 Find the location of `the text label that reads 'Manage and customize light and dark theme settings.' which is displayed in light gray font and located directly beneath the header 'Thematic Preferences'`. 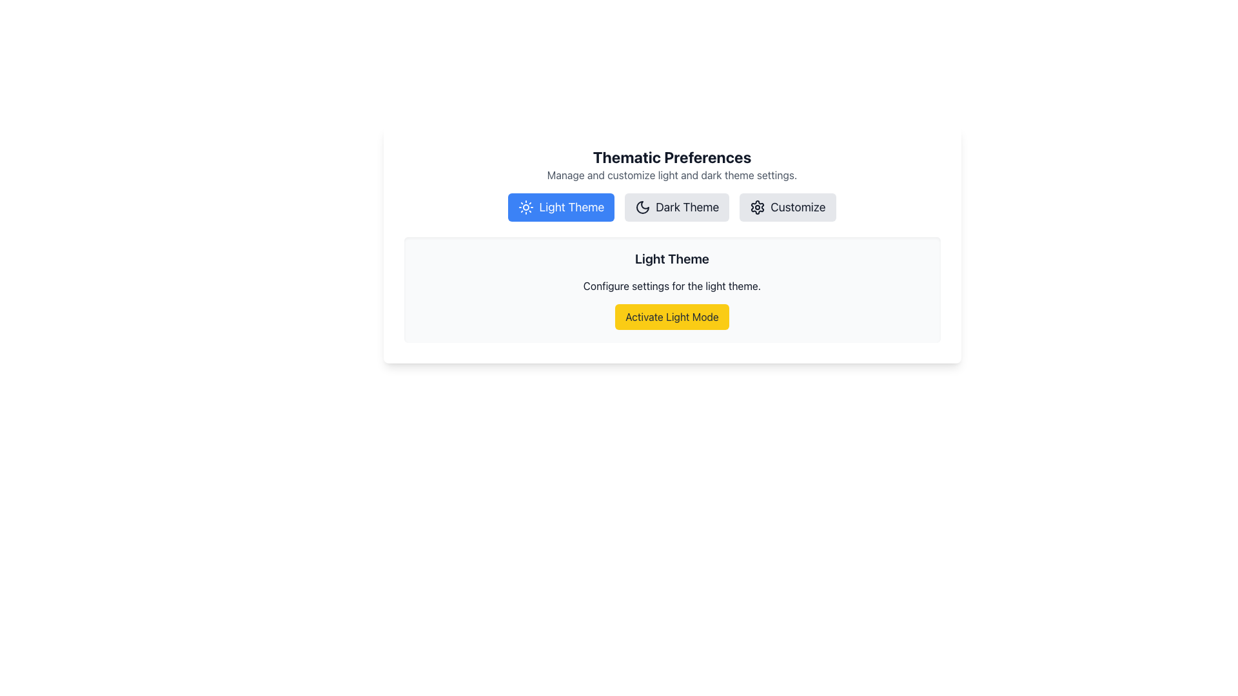

the text label that reads 'Manage and customize light and dark theme settings.' which is displayed in light gray font and located directly beneath the header 'Thematic Preferences' is located at coordinates (671, 175).